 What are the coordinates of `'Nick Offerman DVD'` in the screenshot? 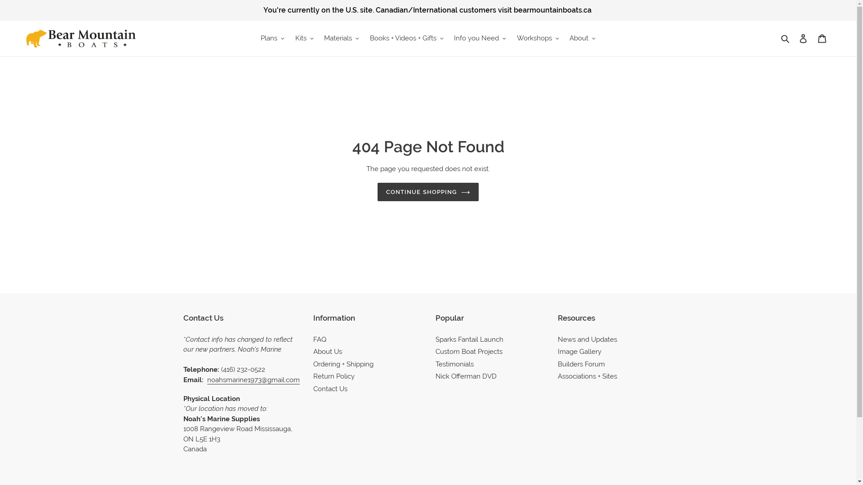 It's located at (466, 376).